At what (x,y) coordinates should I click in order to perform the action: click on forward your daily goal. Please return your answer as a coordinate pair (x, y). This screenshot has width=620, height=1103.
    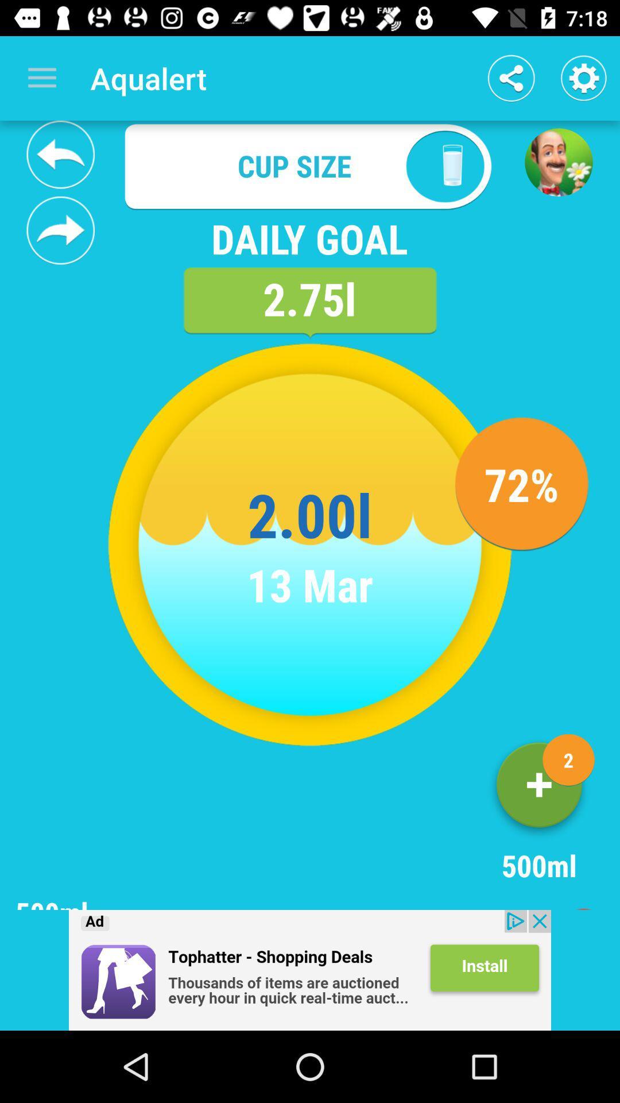
    Looking at the image, I should click on (60, 230).